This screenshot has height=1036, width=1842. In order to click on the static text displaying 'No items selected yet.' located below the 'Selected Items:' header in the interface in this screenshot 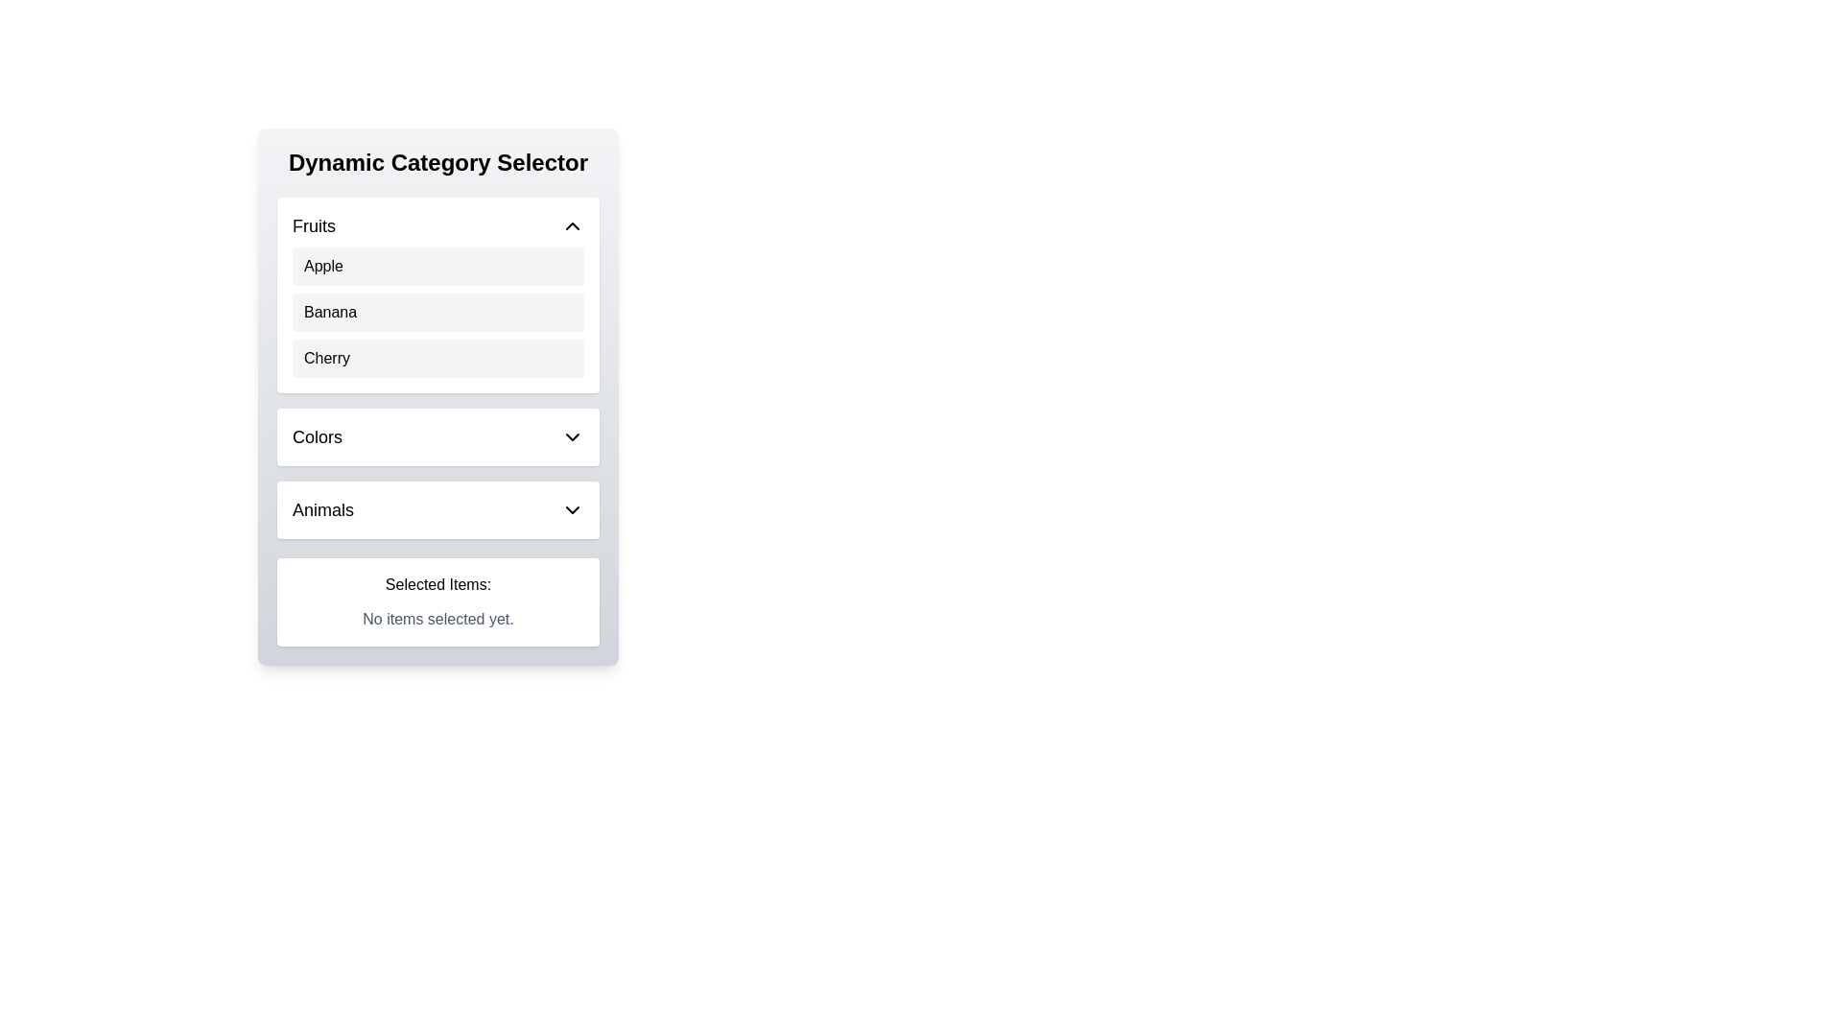, I will do `click(437, 619)`.